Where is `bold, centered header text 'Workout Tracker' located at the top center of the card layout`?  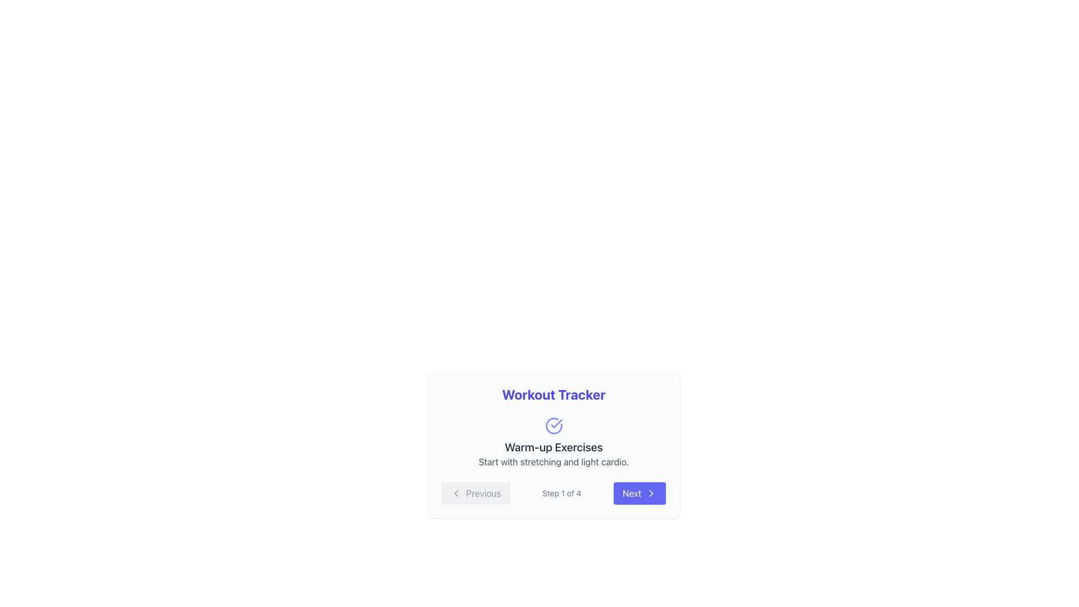
bold, centered header text 'Workout Tracker' located at the top center of the card layout is located at coordinates (554, 394).